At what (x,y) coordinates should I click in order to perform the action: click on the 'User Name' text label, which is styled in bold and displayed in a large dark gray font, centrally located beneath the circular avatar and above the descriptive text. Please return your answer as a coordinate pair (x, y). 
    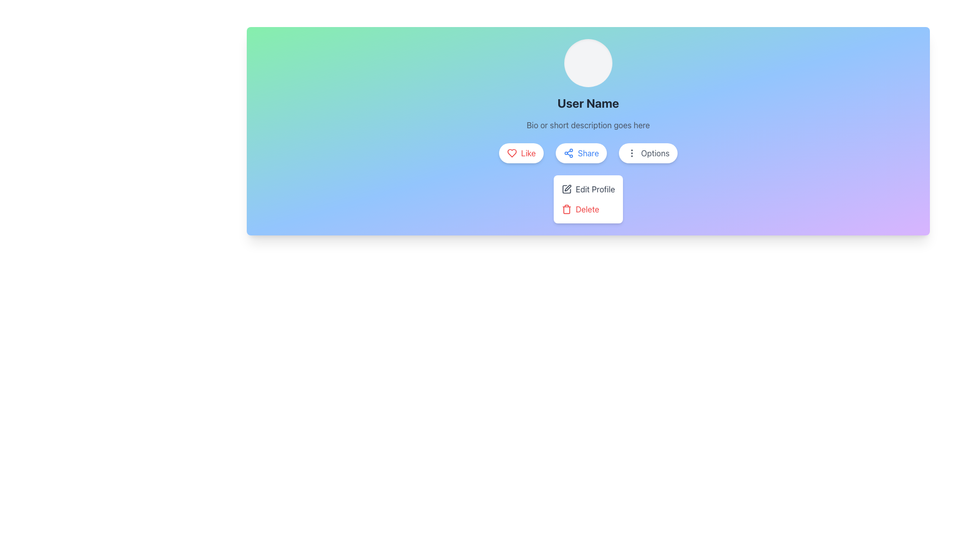
    Looking at the image, I should click on (588, 103).